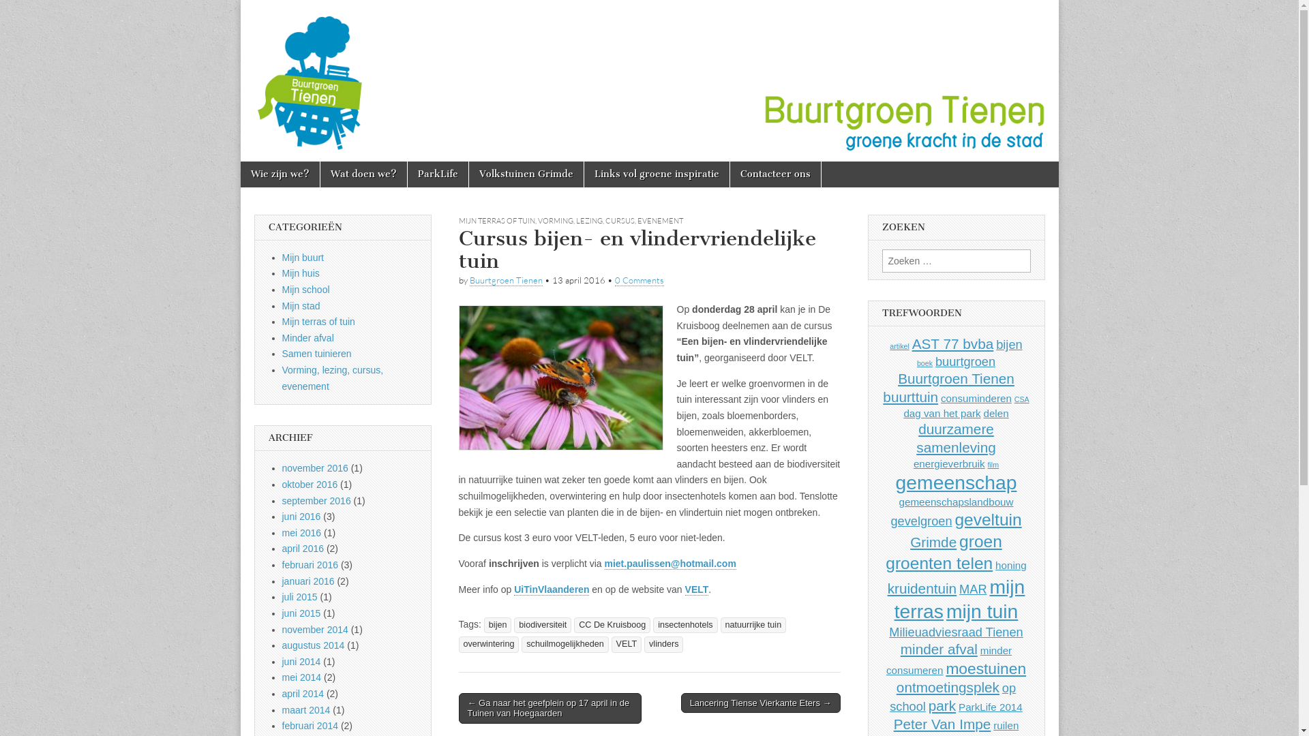 The width and height of the screenshot is (1309, 736). Describe the element at coordinates (952, 343) in the screenshot. I see `'AST 77 bvba'` at that location.